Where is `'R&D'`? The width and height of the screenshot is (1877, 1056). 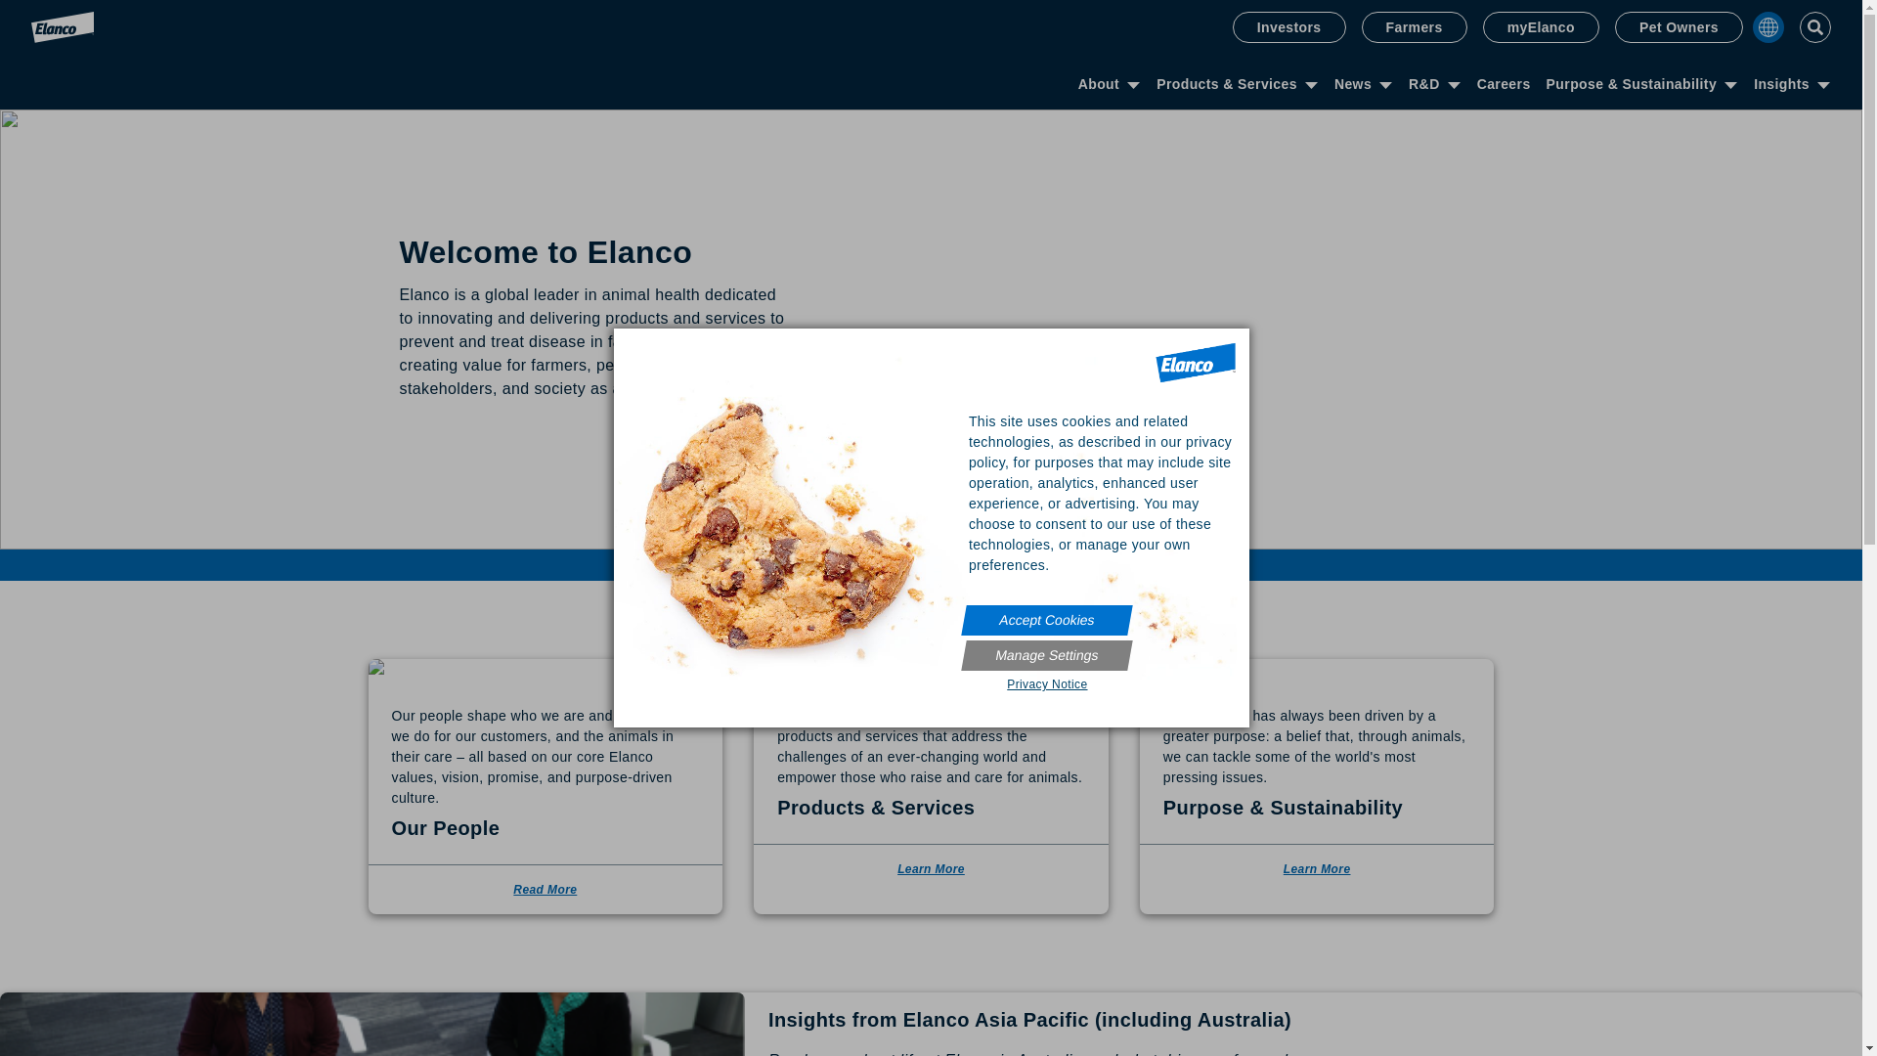
'R&D' is located at coordinates (1424, 85).